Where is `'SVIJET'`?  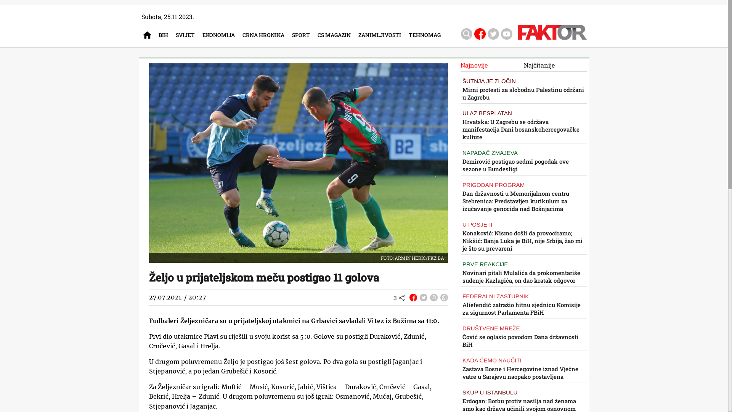
'SVIJET' is located at coordinates (187, 35).